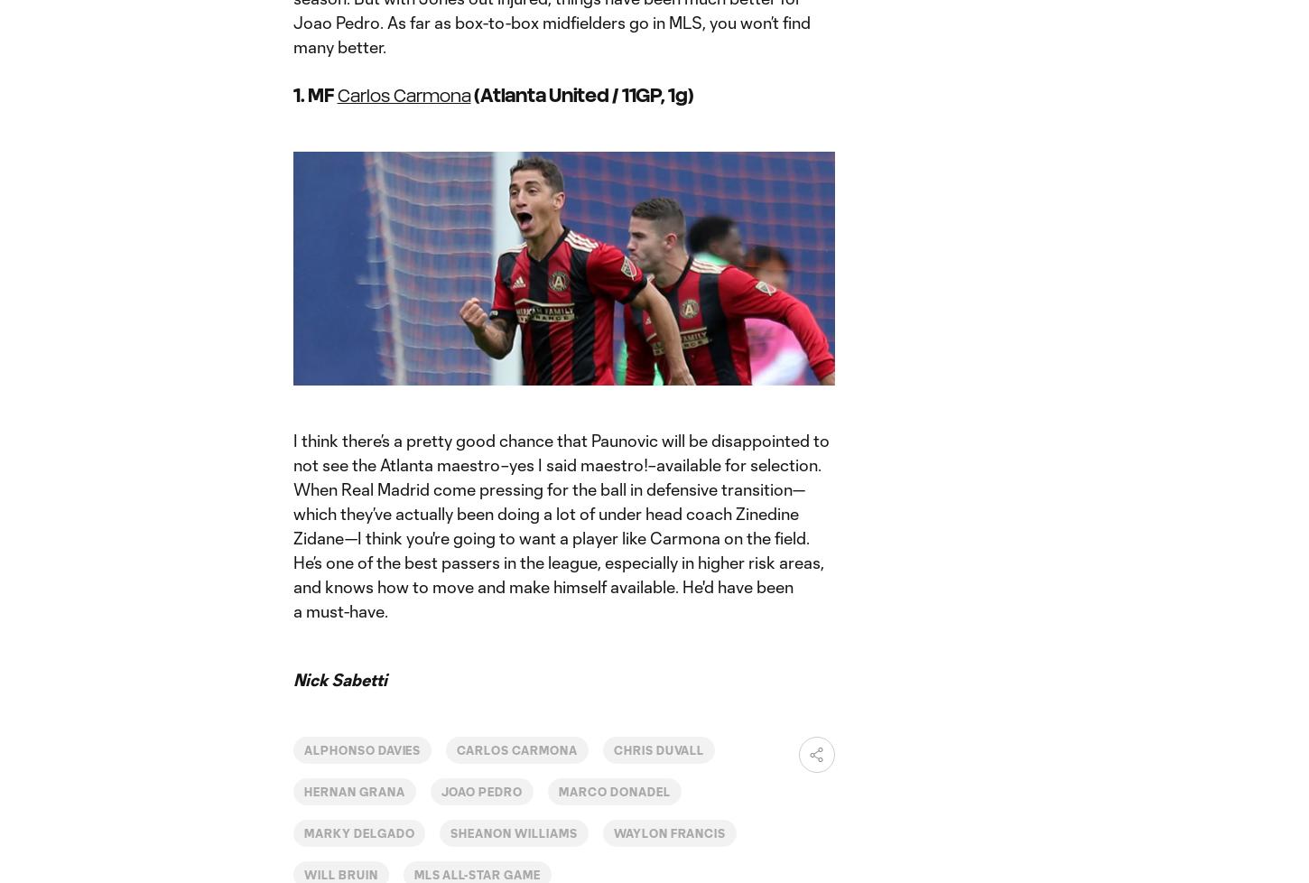 This screenshot has height=883, width=1309. What do you see at coordinates (613, 789) in the screenshot?
I see `'Marco Donadel'` at bounding box center [613, 789].